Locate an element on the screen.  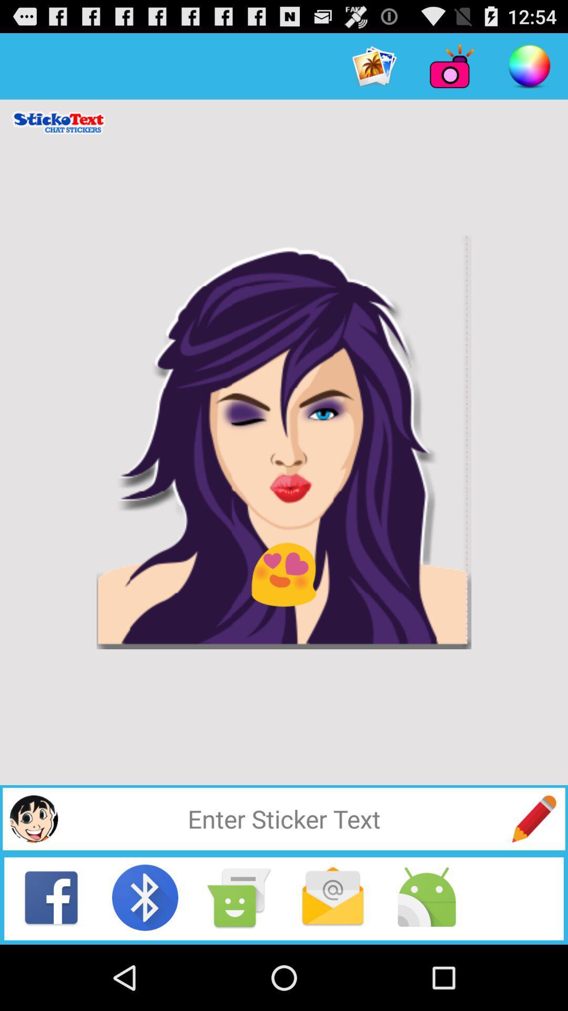
share to facebook is located at coordinates (51, 897).